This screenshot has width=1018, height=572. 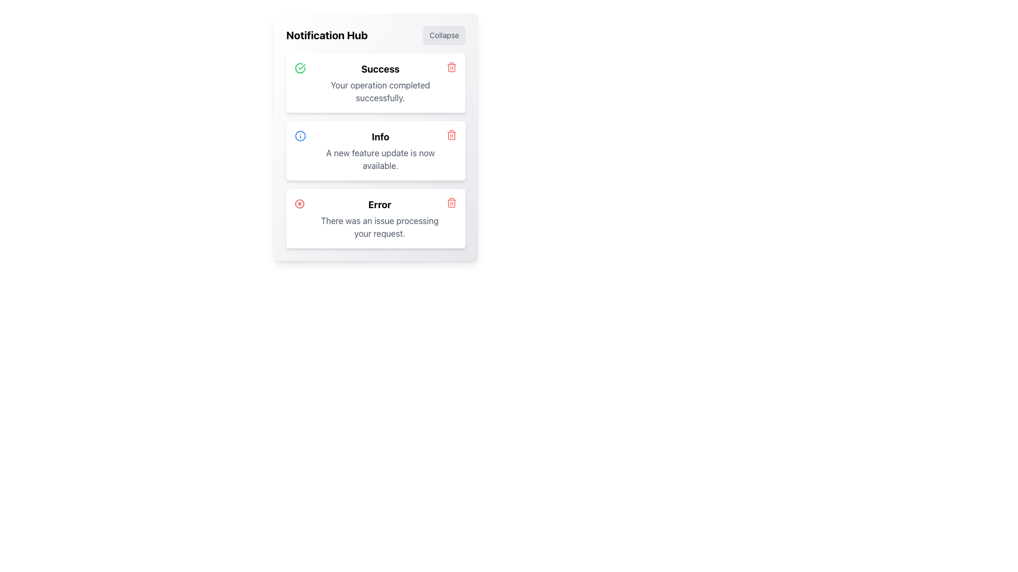 What do you see at coordinates (444, 34) in the screenshot?
I see `the 'Collapse' button located in the top-right corner of the 'Notification Hub' section` at bounding box center [444, 34].